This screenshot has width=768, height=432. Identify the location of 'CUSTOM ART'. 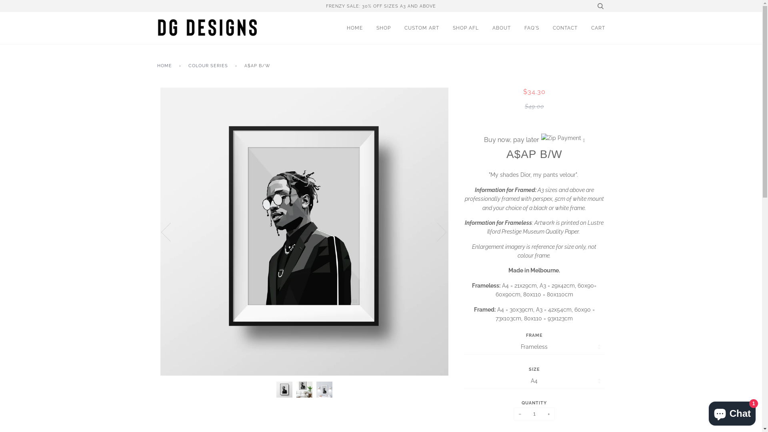
(421, 27).